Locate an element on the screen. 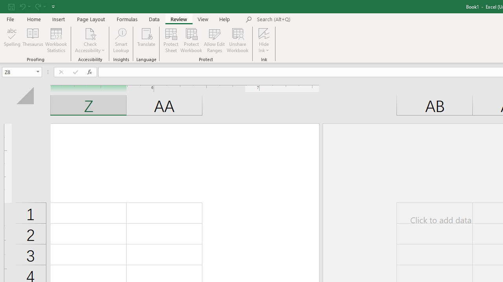 This screenshot has height=282, width=503. 'Unshare Workbook' is located at coordinates (237, 40).